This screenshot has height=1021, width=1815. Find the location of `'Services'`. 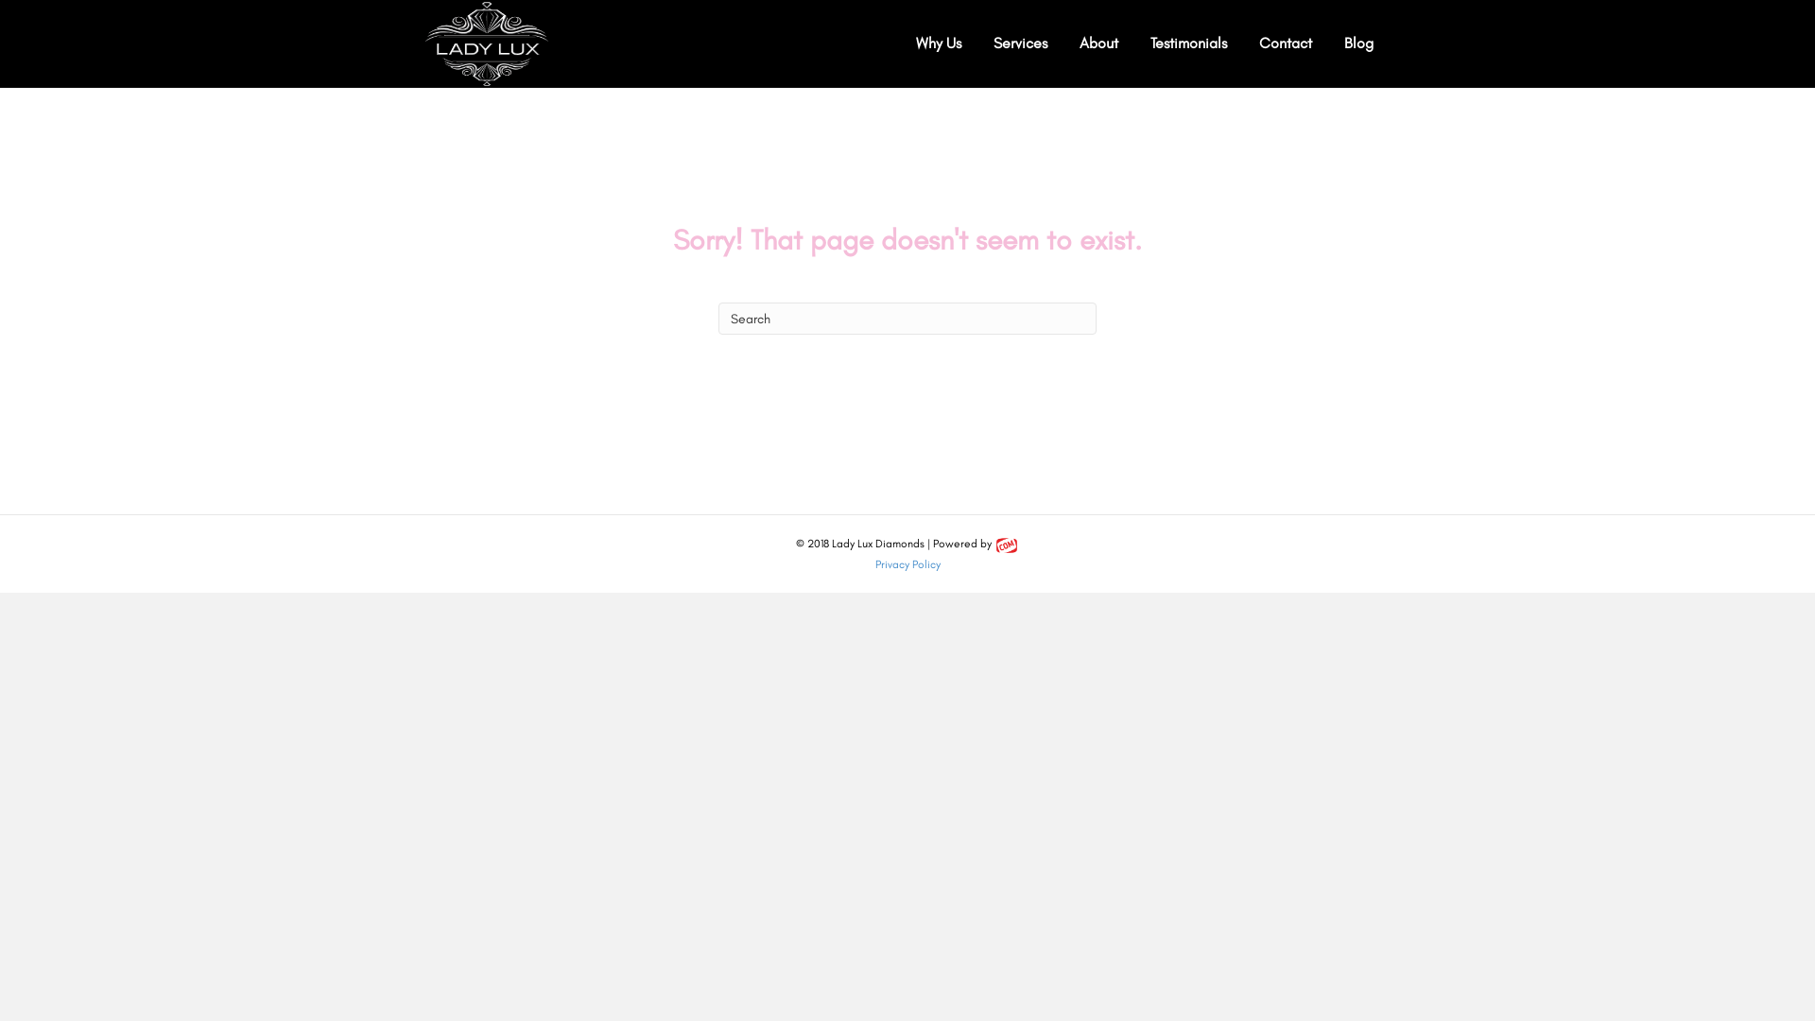

'Services' is located at coordinates (1019, 43).